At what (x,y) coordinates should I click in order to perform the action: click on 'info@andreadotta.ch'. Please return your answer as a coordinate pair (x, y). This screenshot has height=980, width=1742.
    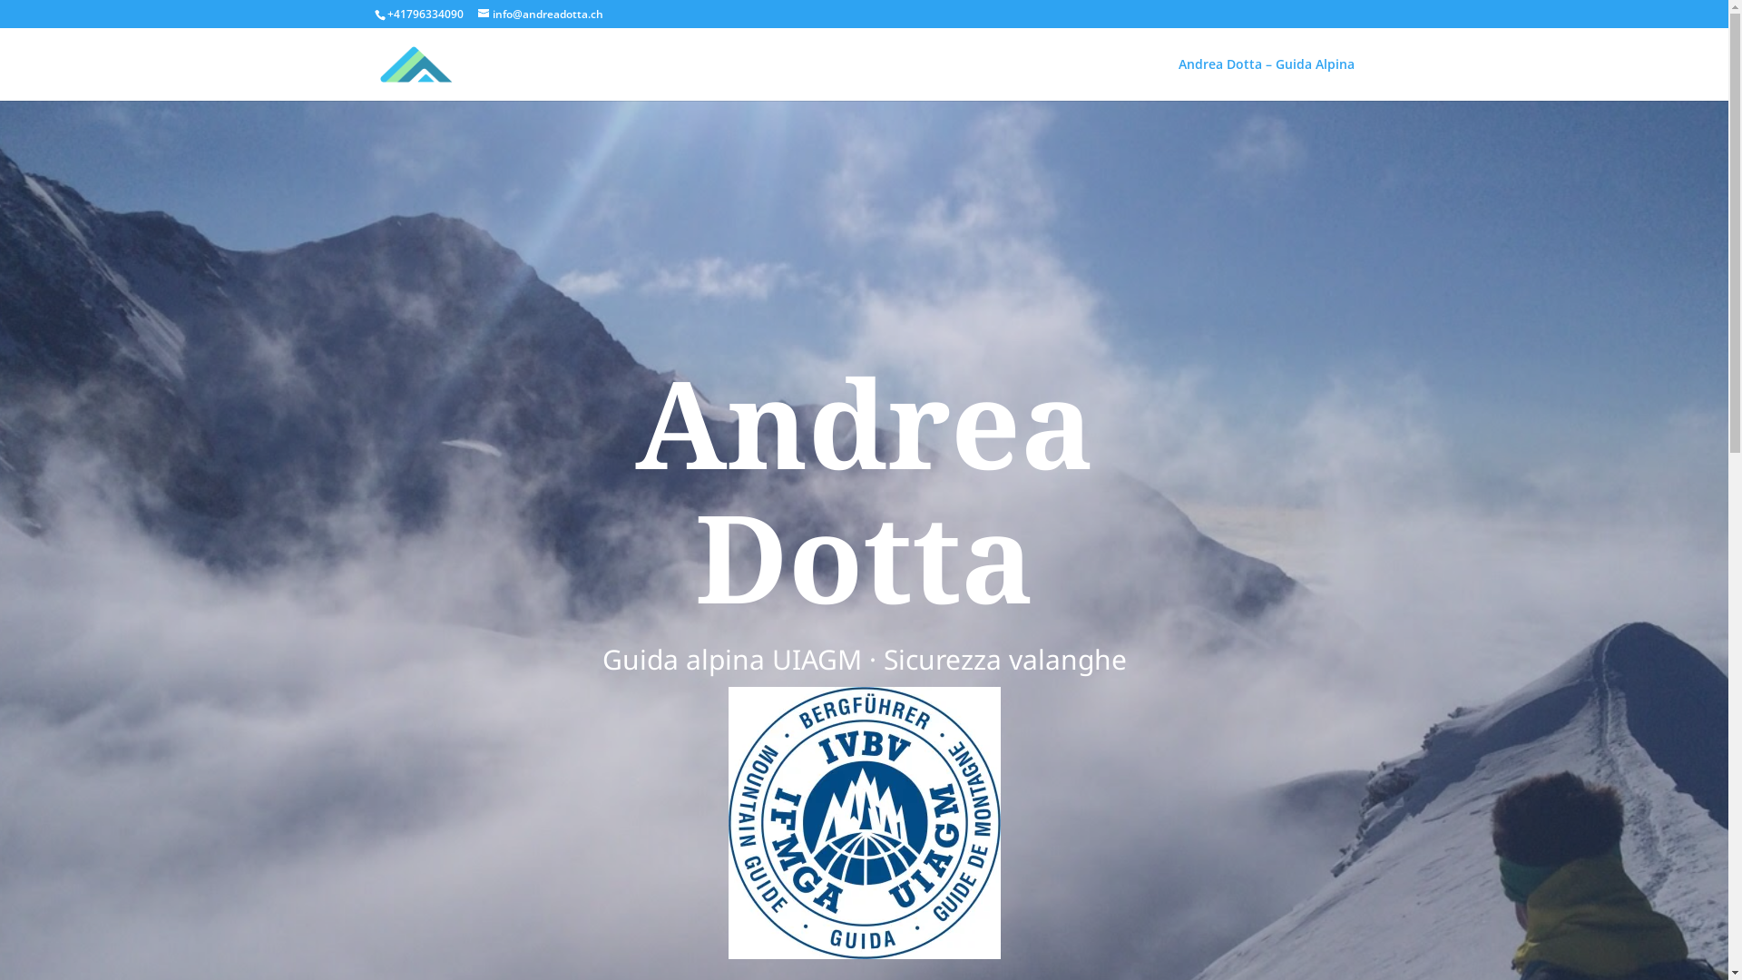
    Looking at the image, I should click on (539, 14).